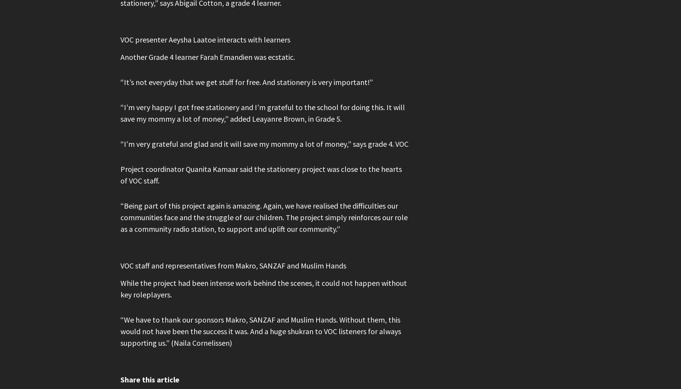  Describe the element at coordinates (120, 113) in the screenshot. I see `'“I’m very happy I got free stationery and I’m grateful to the school for doing this. It will save my mommy a lot of money,” added Leayanre Brown, in Grade 5.'` at that location.